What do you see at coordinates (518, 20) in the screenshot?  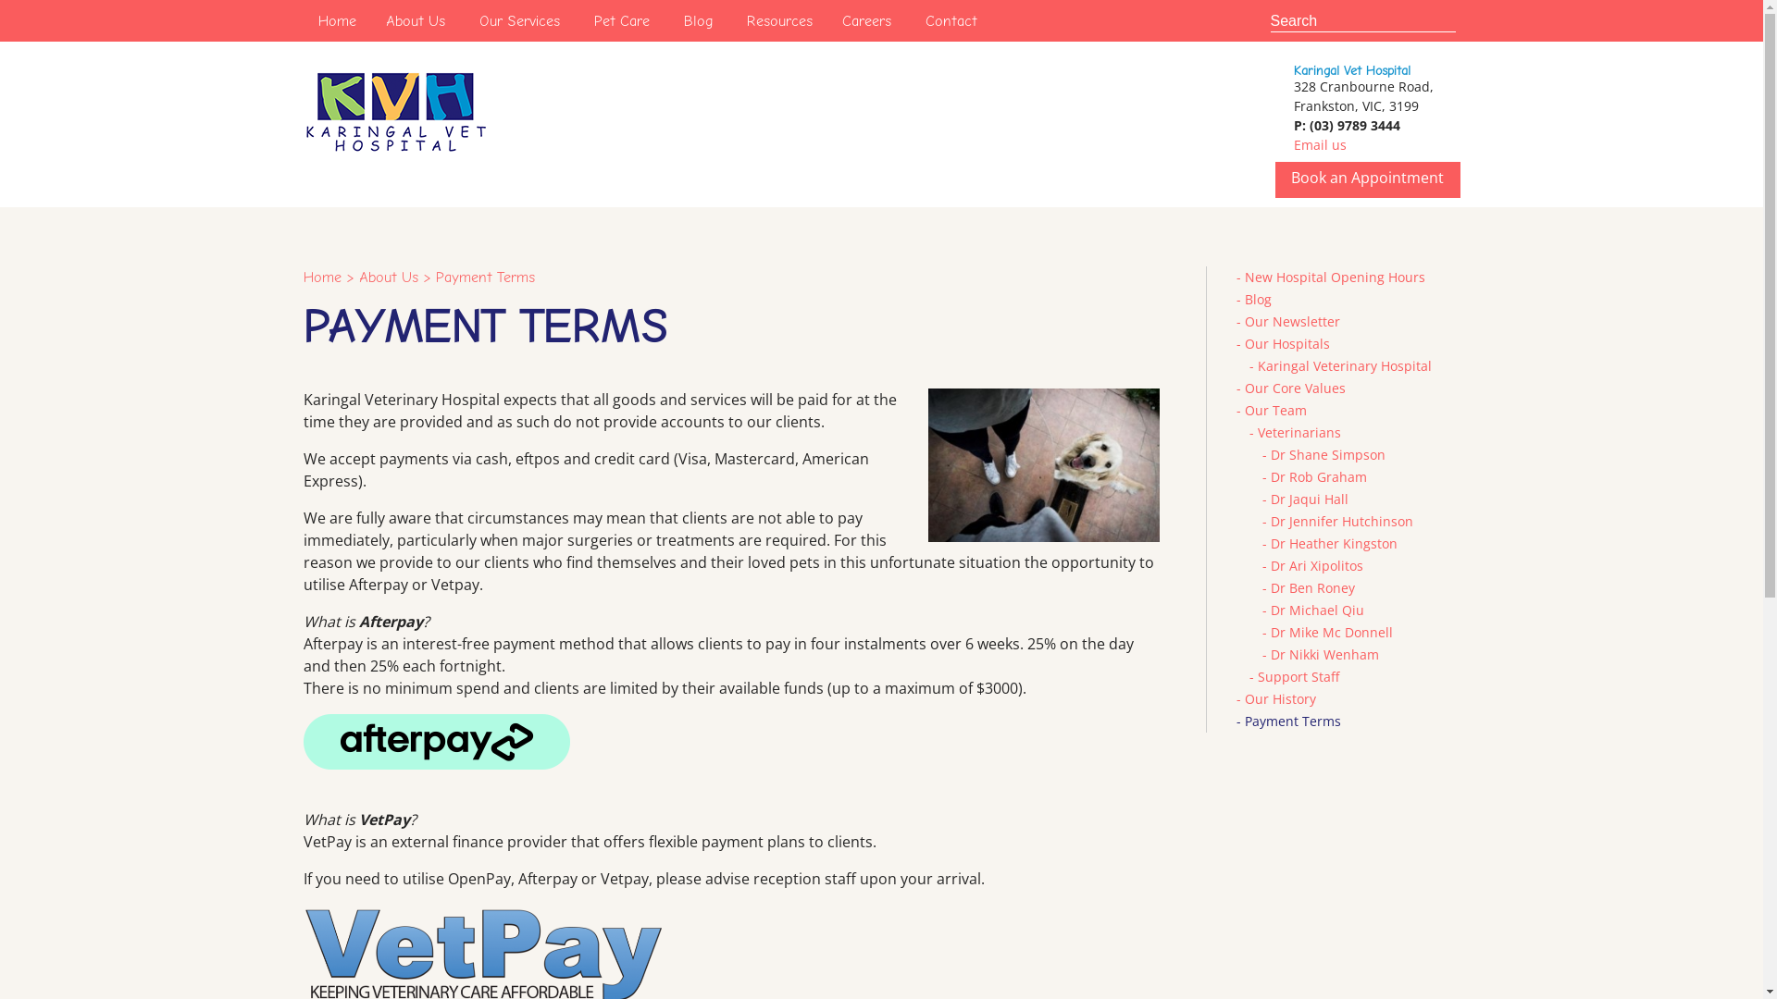 I see `'Our Services'` at bounding box center [518, 20].